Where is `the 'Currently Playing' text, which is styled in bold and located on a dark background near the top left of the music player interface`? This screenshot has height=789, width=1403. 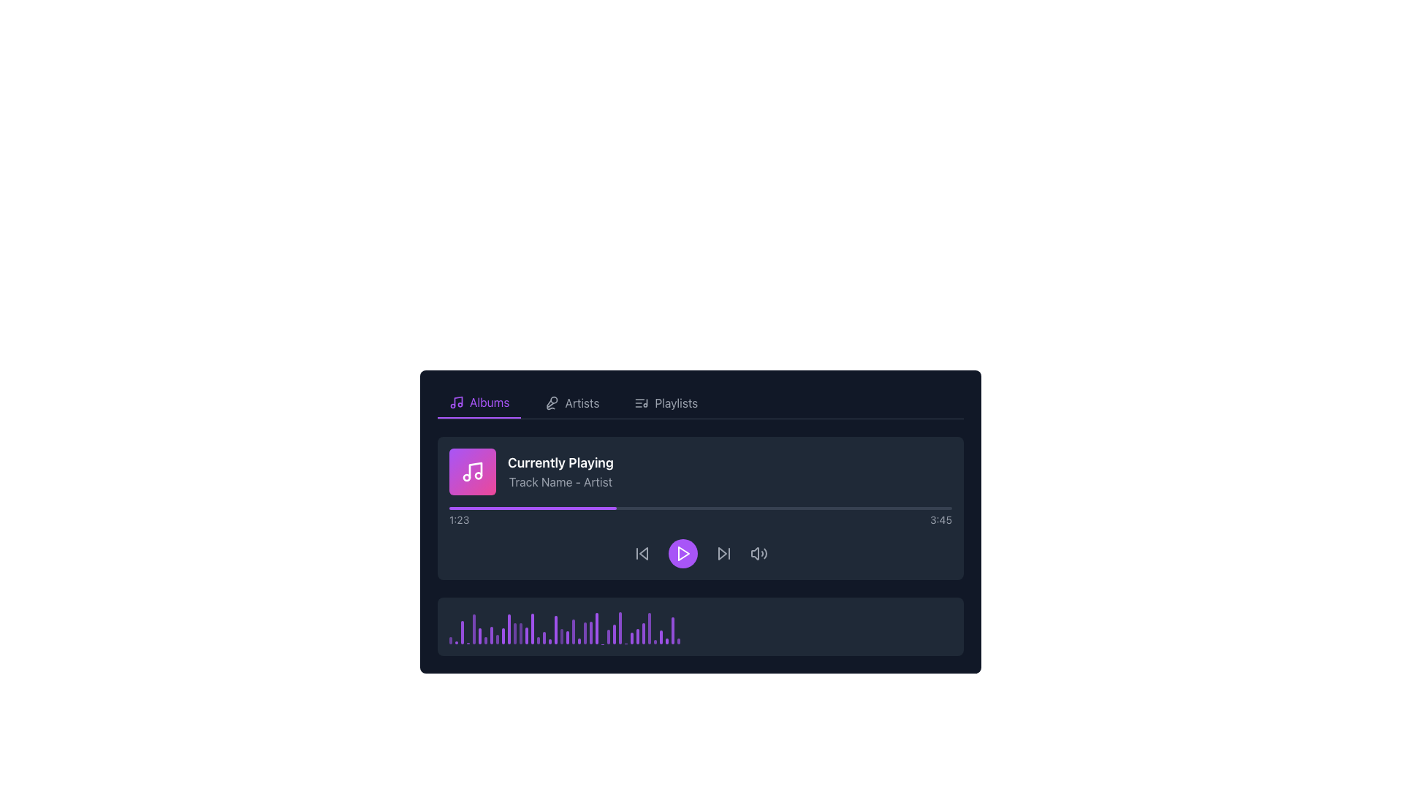 the 'Currently Playing' text, which is styled in bold and located on a dark background near the top left of the music player interface is located at coordinates (560, 462).